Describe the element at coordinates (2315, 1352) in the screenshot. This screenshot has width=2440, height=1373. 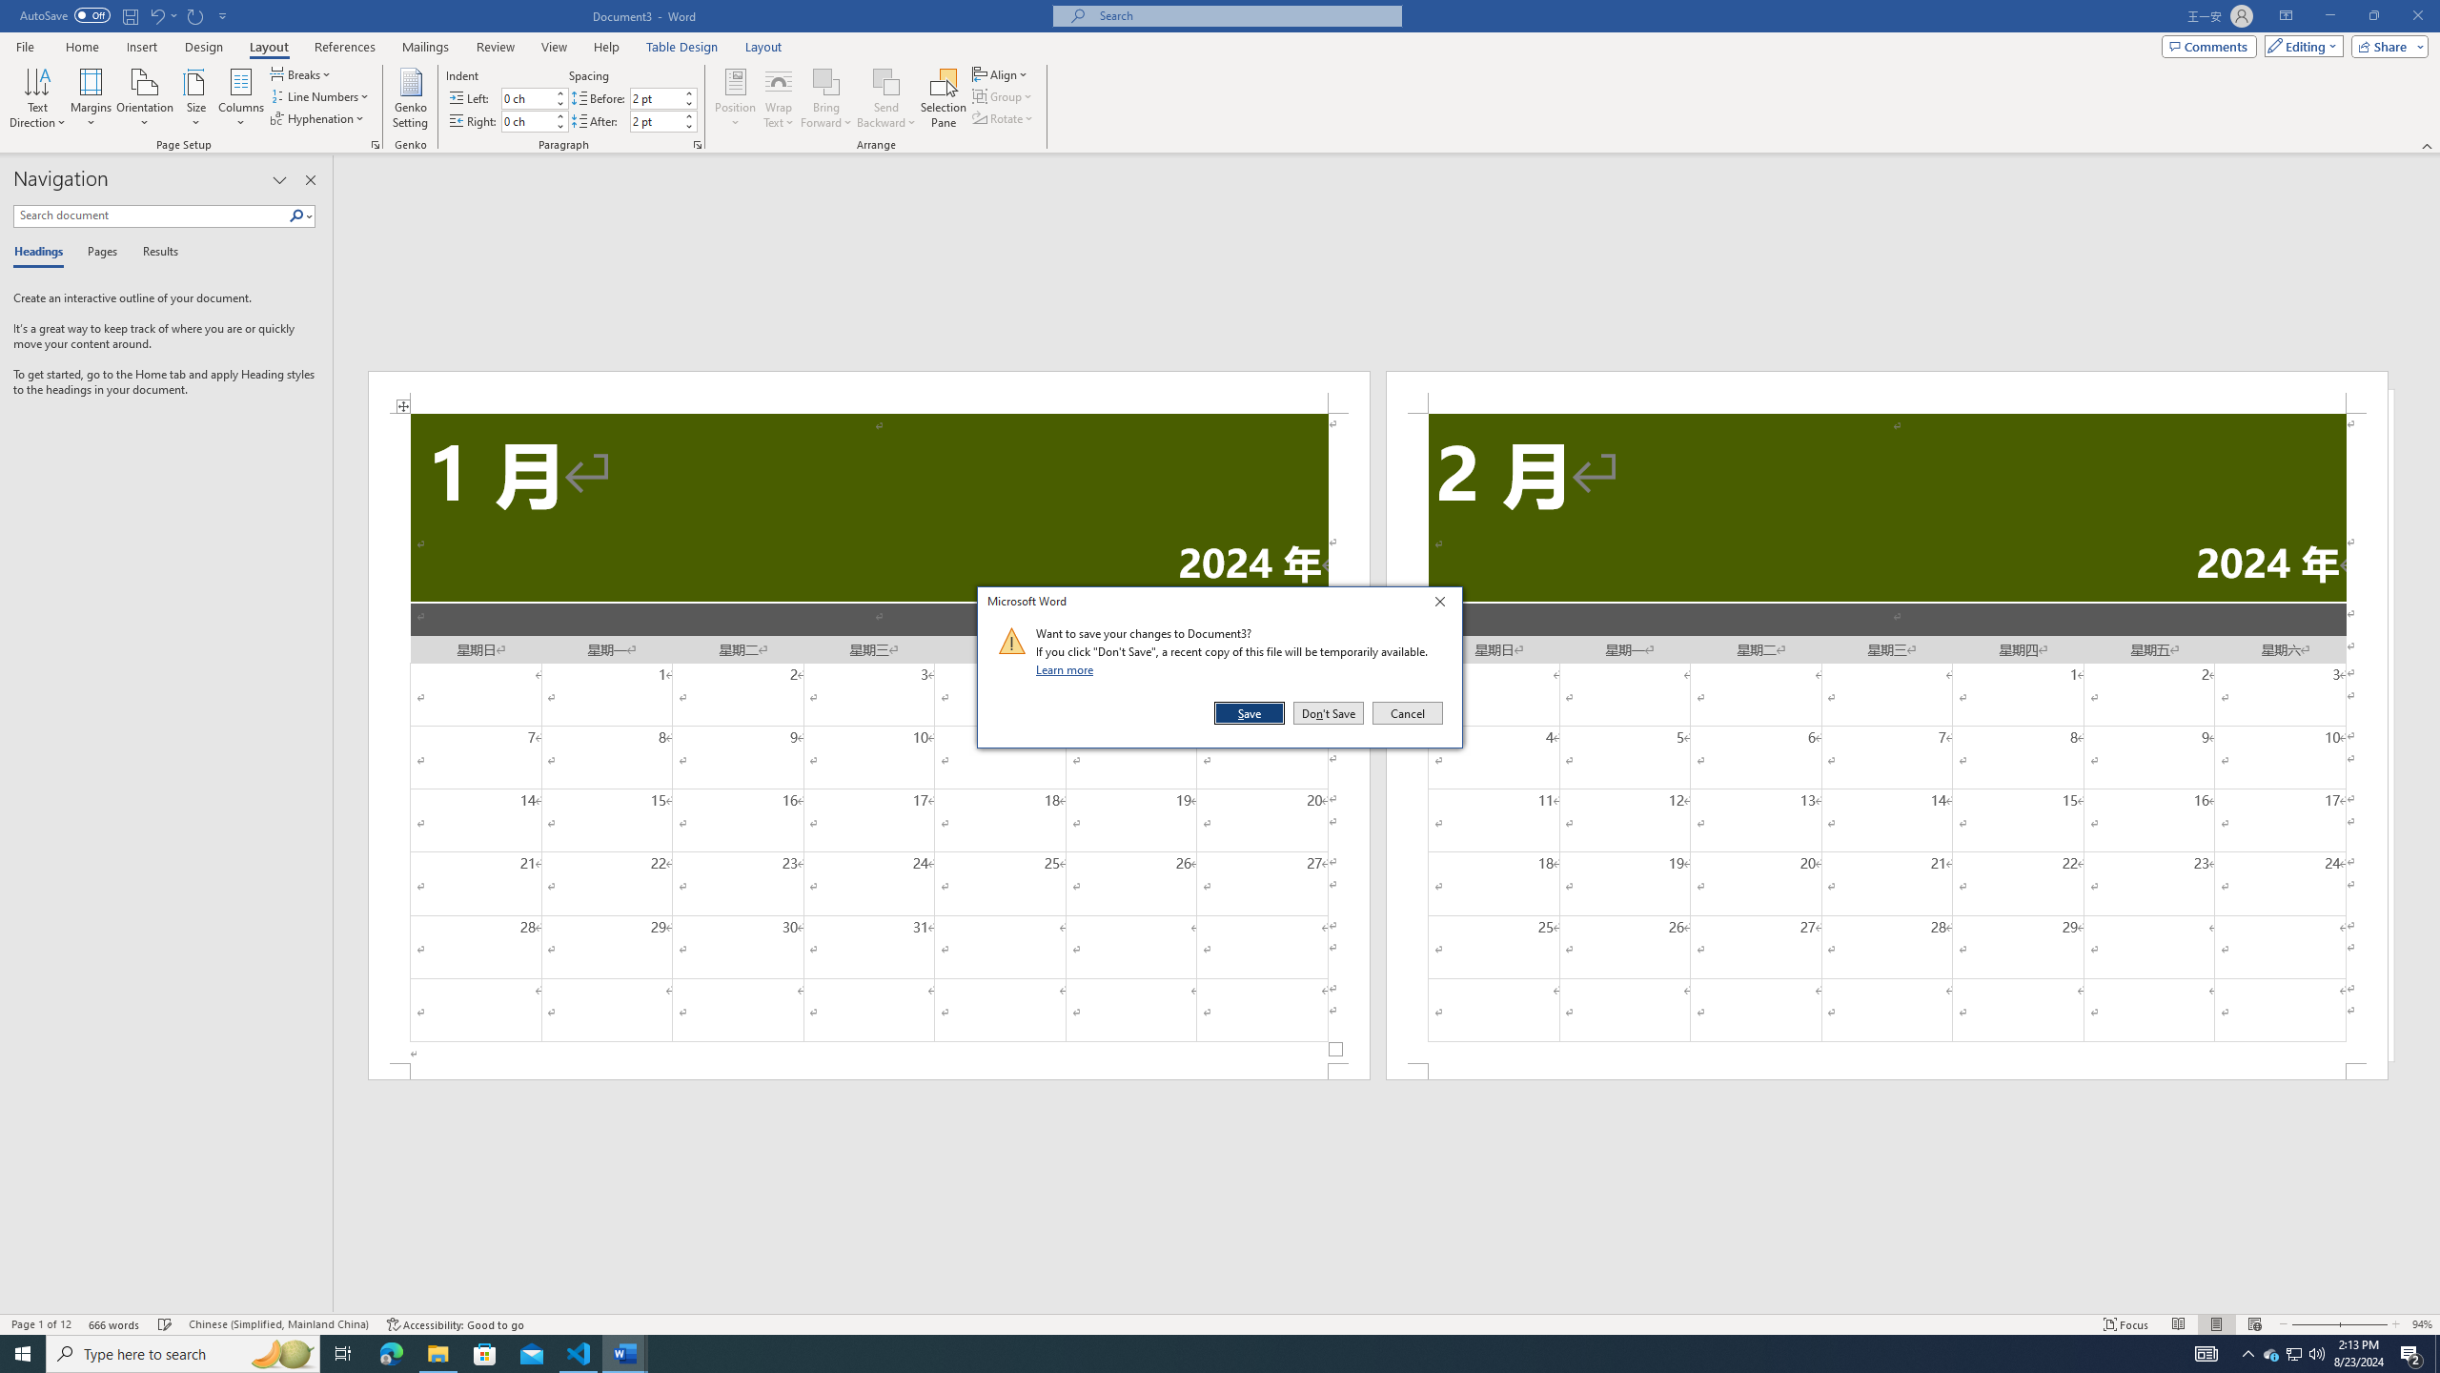
I see `'Q2790: 100%'` at that location.